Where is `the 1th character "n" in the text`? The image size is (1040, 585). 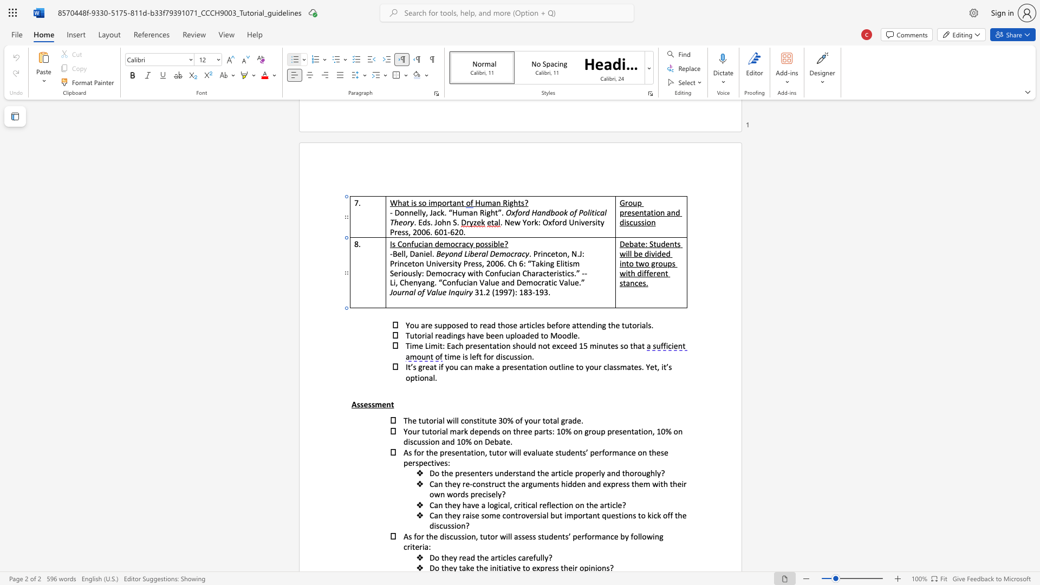
the 1th character "n" in the text is located at coordinates (440, 505).